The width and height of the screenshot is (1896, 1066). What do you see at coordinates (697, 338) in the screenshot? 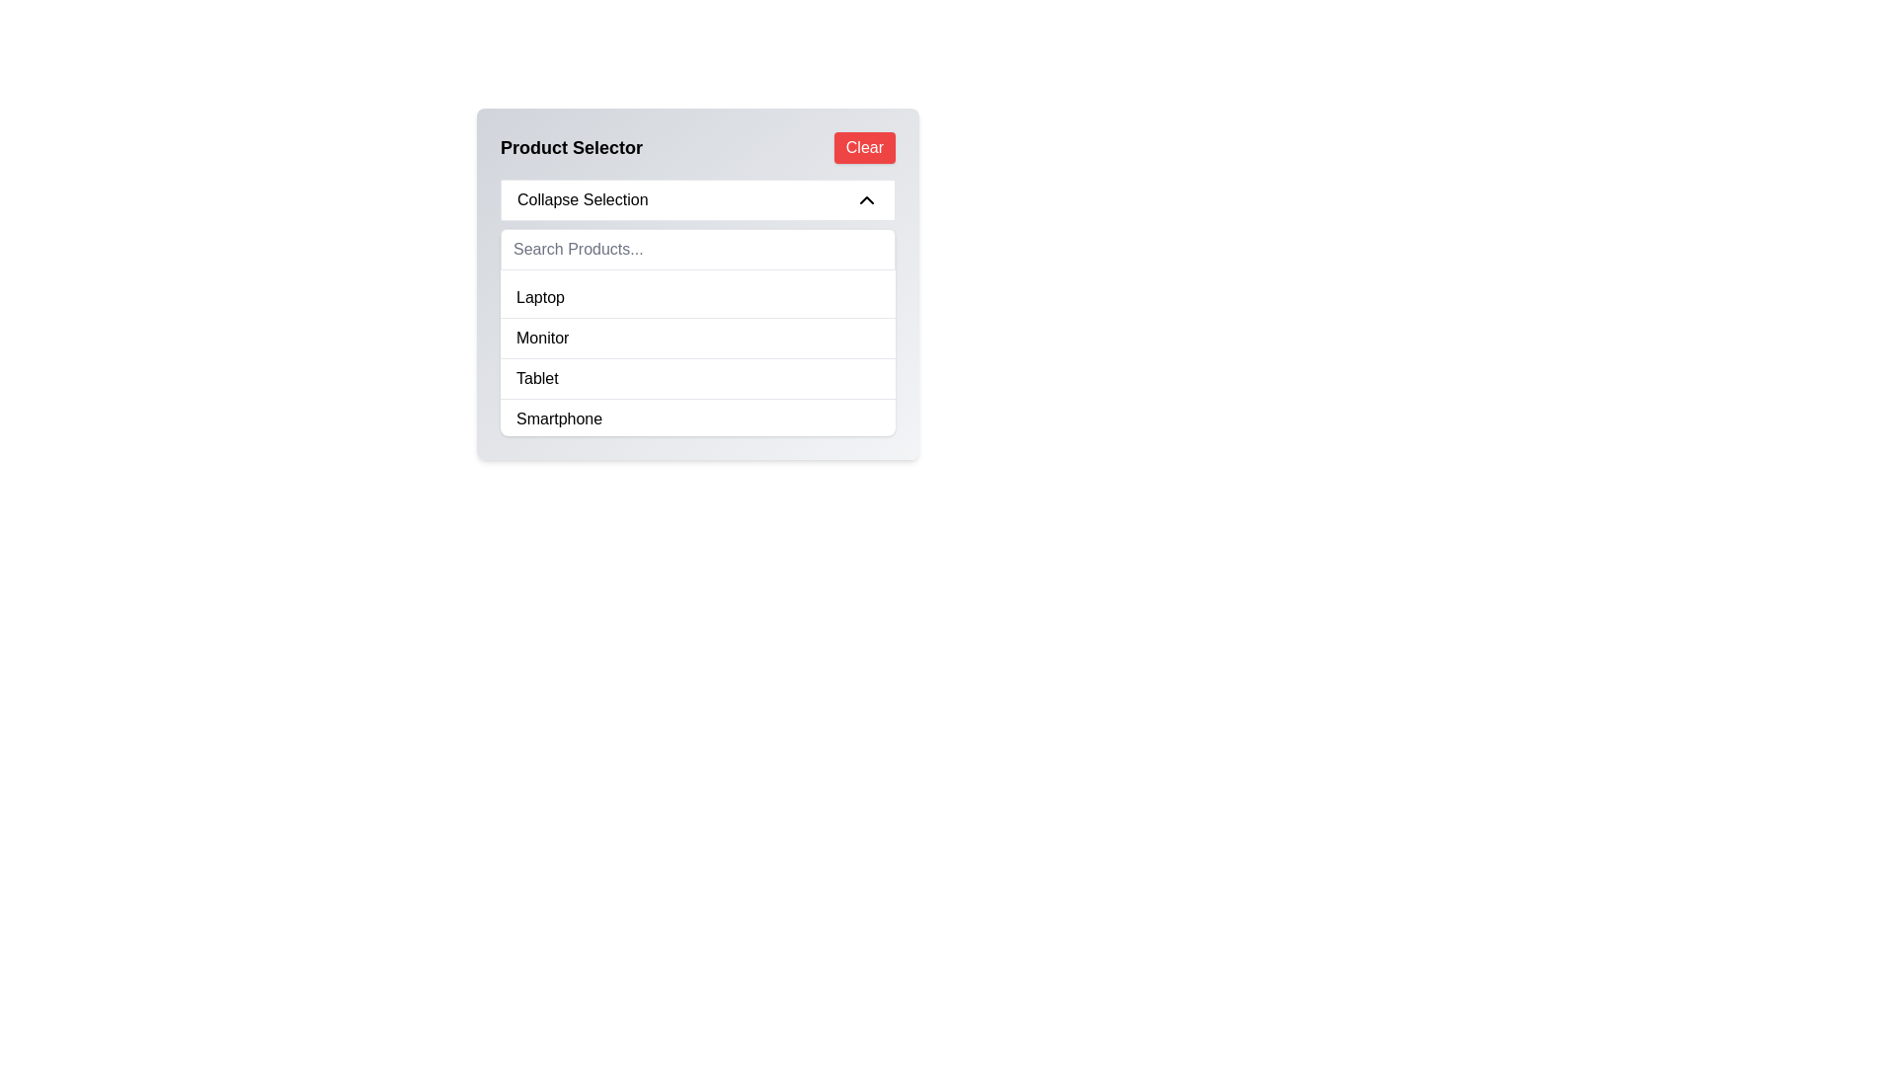
I see `the 'Monitor' option in the product selection menu` at bounding box center [697, 338].